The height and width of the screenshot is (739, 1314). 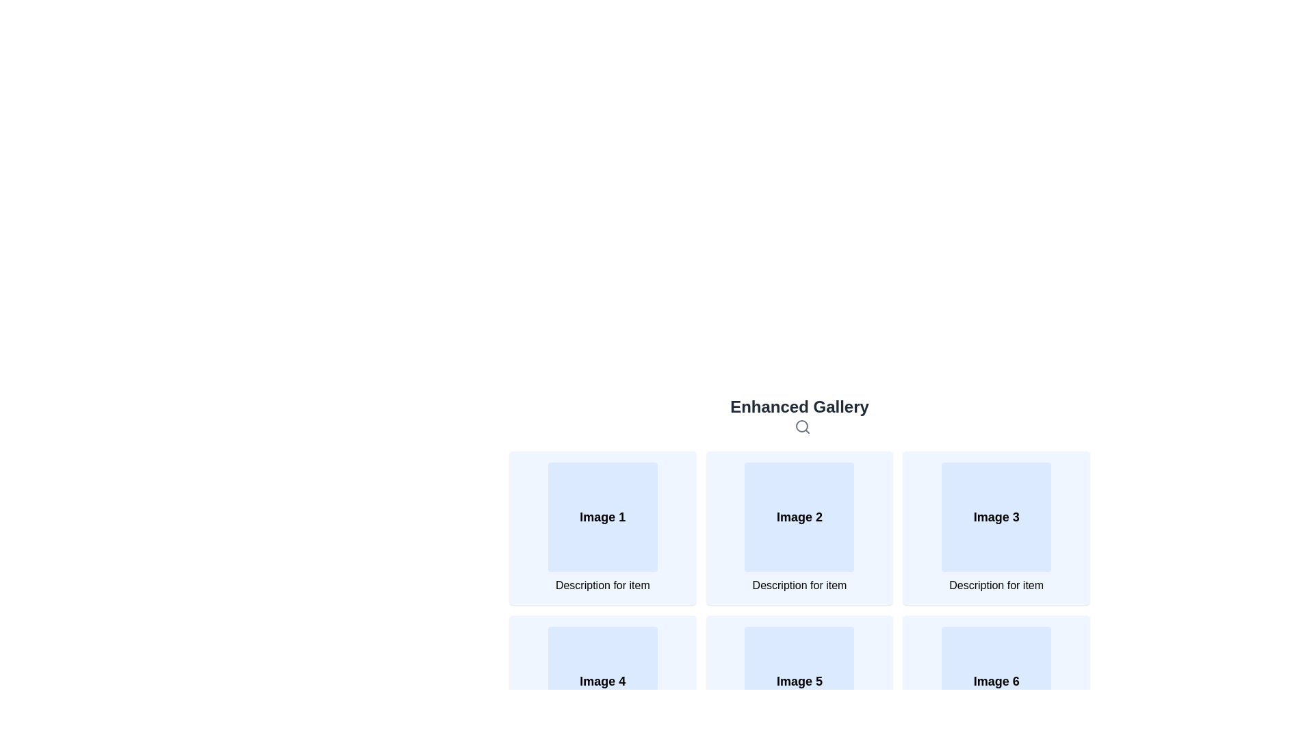 I want to click on the textual description element located just below the 'Image 1' title, so click(x=602, y=585).